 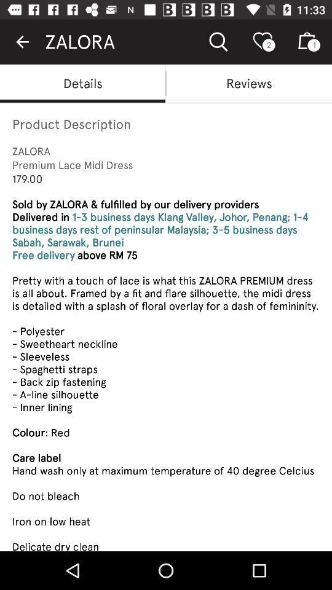 What do you see at coordinates (22, 42) in the screenshot?
I see `item to the left of the zalora` at bounding box center [22, 42].